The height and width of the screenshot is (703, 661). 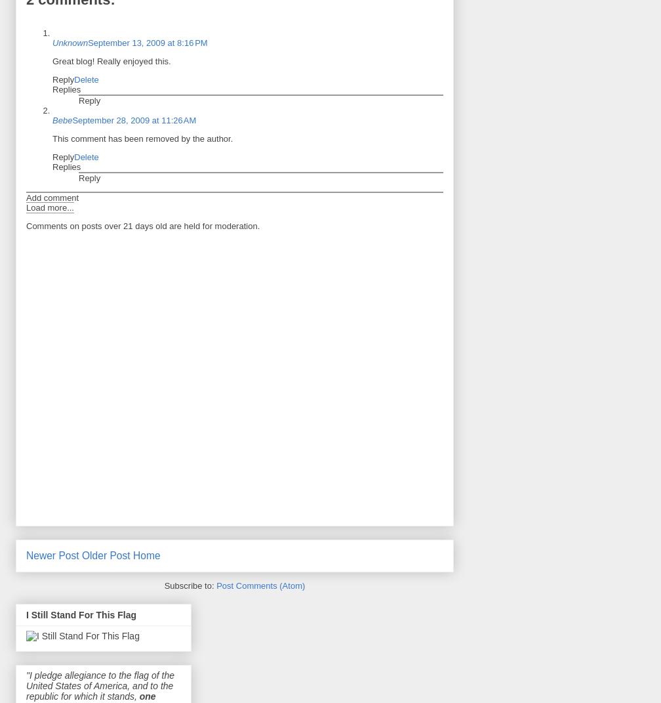 I want to click on 'September 13, 2009 at 8:16 PM', so click(x=147, y=41).